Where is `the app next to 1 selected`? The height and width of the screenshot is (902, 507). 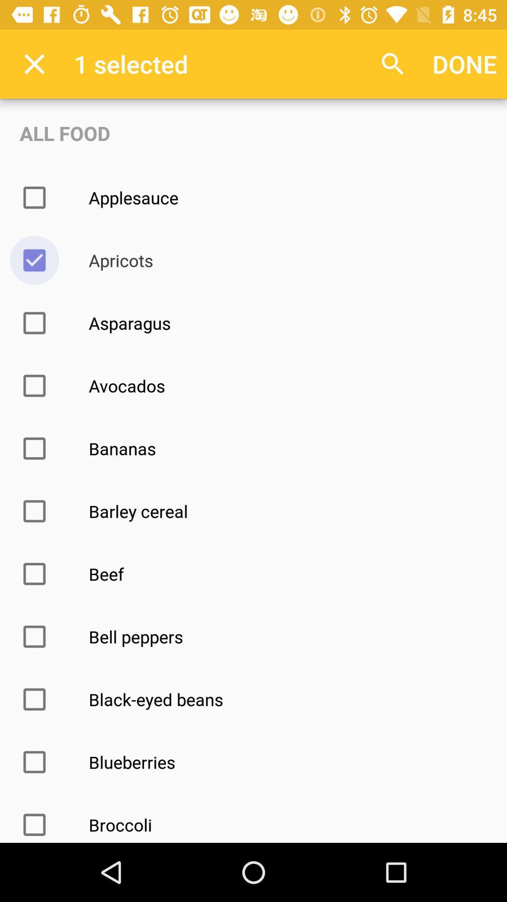 the app next to 1 selected is located at coordinates (34, 63).